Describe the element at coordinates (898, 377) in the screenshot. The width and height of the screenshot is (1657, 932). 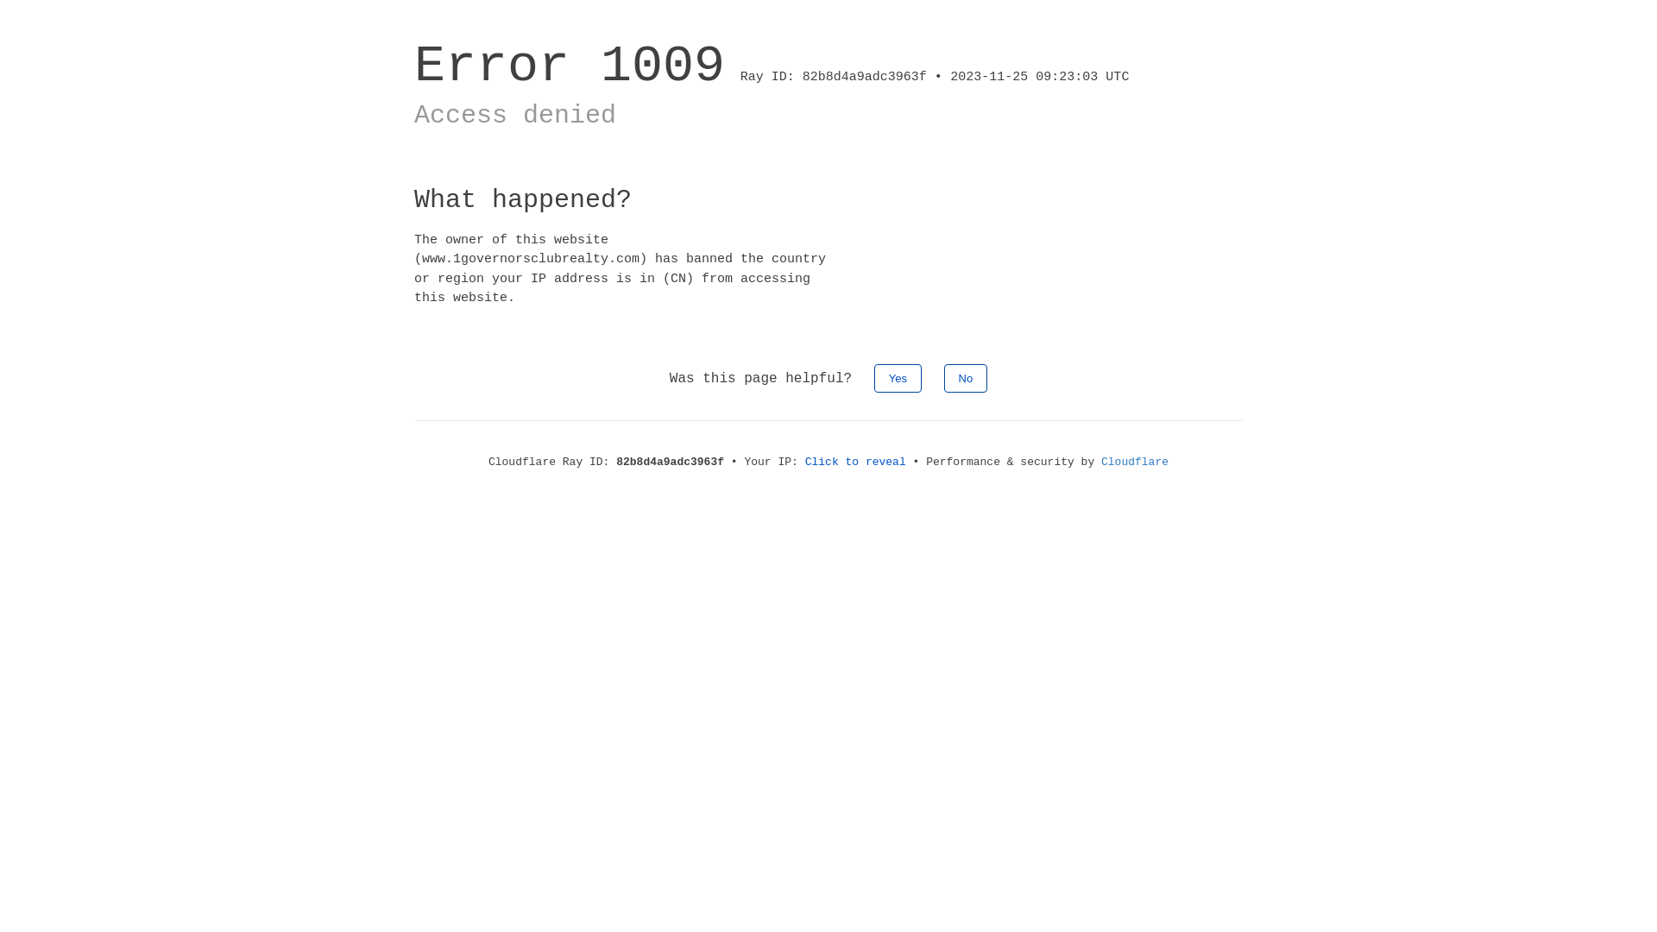
I see `'Yes'` at that location.